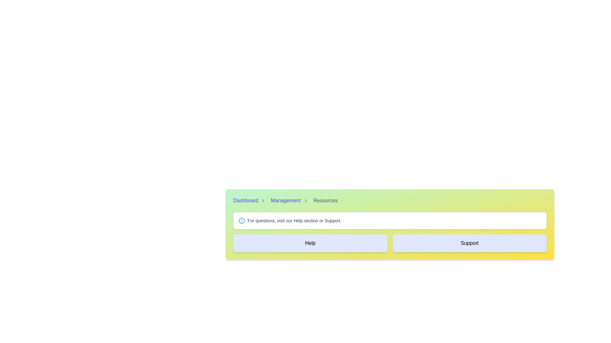  What do you see at coordinates (325, 201) in the screenshot?
I see `the third and last Text Label in the breadcrumb navigation bar, which indicates the current page or section title, located at the top right corner of the interface` at bounding box center [325, 201].